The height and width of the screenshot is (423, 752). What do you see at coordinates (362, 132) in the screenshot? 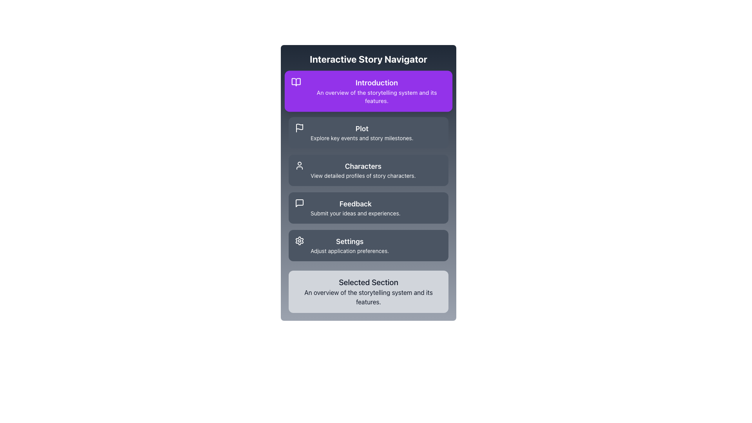
I see `the clickable navigation item labeled 'Plot' which is located in the second row of the navigation menu, between 'Introduction' and 'Characters'` at bounding box center [362, 132].